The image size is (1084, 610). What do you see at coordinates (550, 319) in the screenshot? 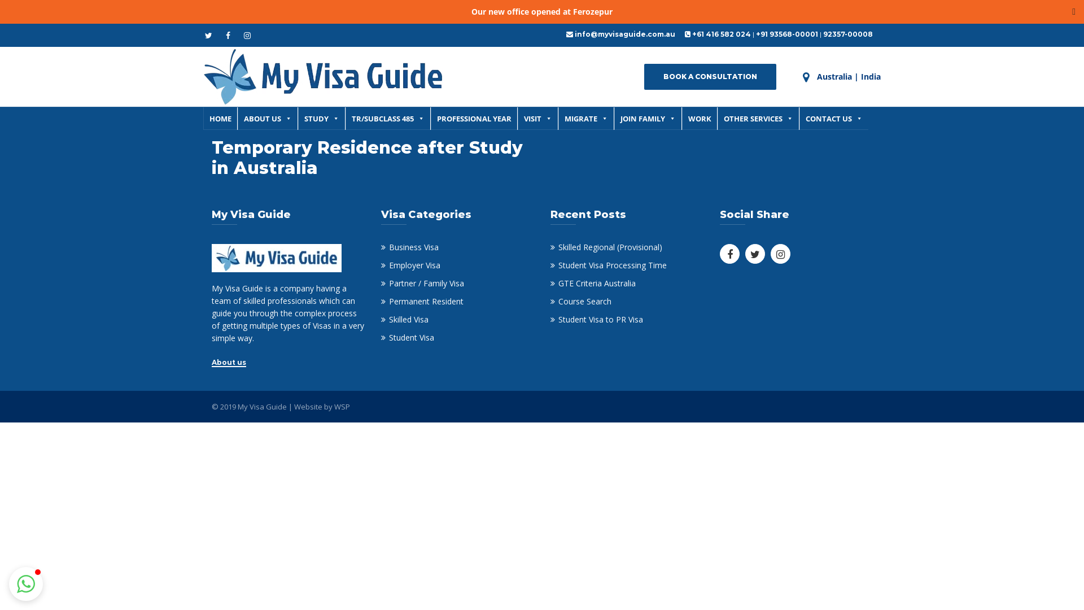
I see `'Student Visa to PR Visa'` at bounding box center [550, 319].